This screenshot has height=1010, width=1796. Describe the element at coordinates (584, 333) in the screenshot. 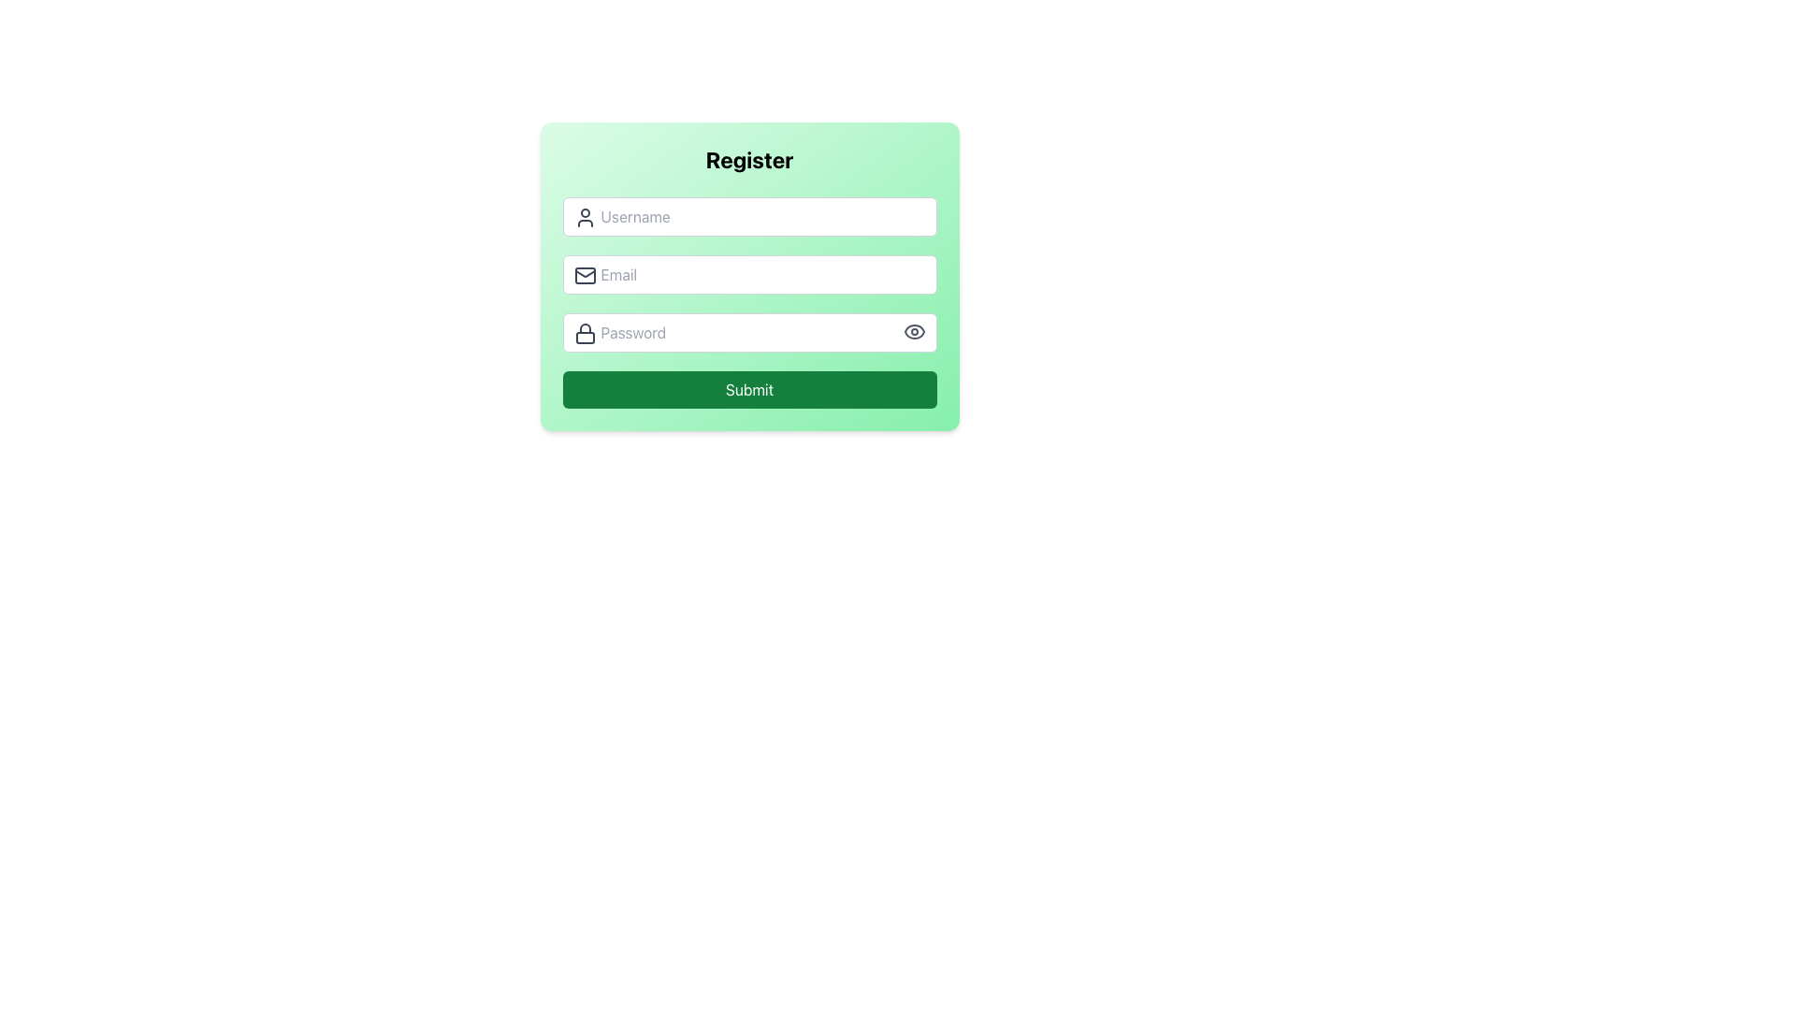

I see `the password field icon, which is located to the left of the text entry area within the password input field, aligning with the placeholder text 'Password'` at that location.